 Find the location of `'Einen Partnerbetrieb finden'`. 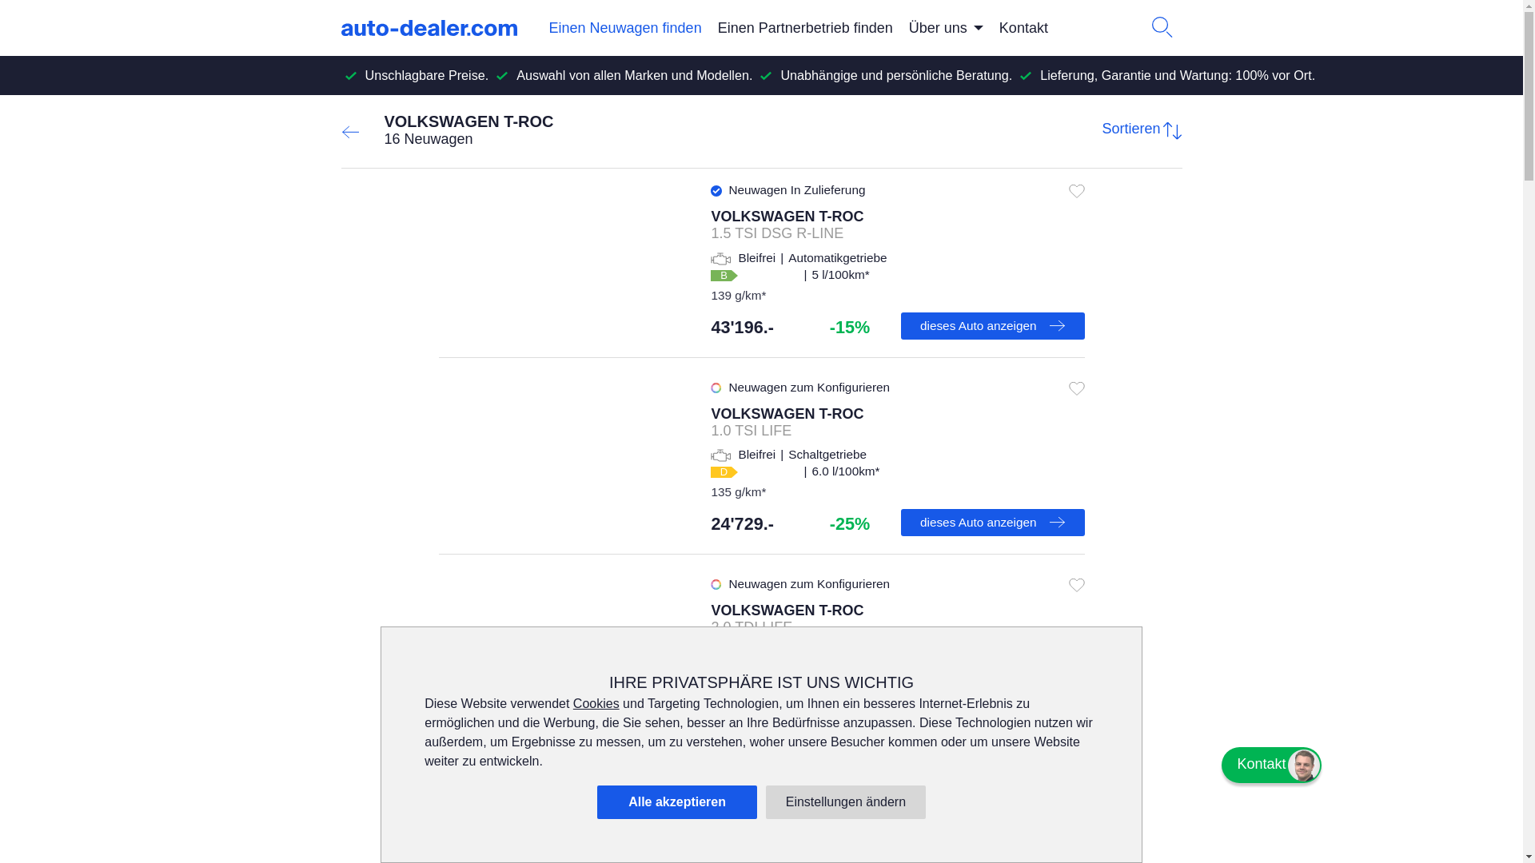

'Einen Partnerbetrieb finden' is located at coordinates (805, 27).